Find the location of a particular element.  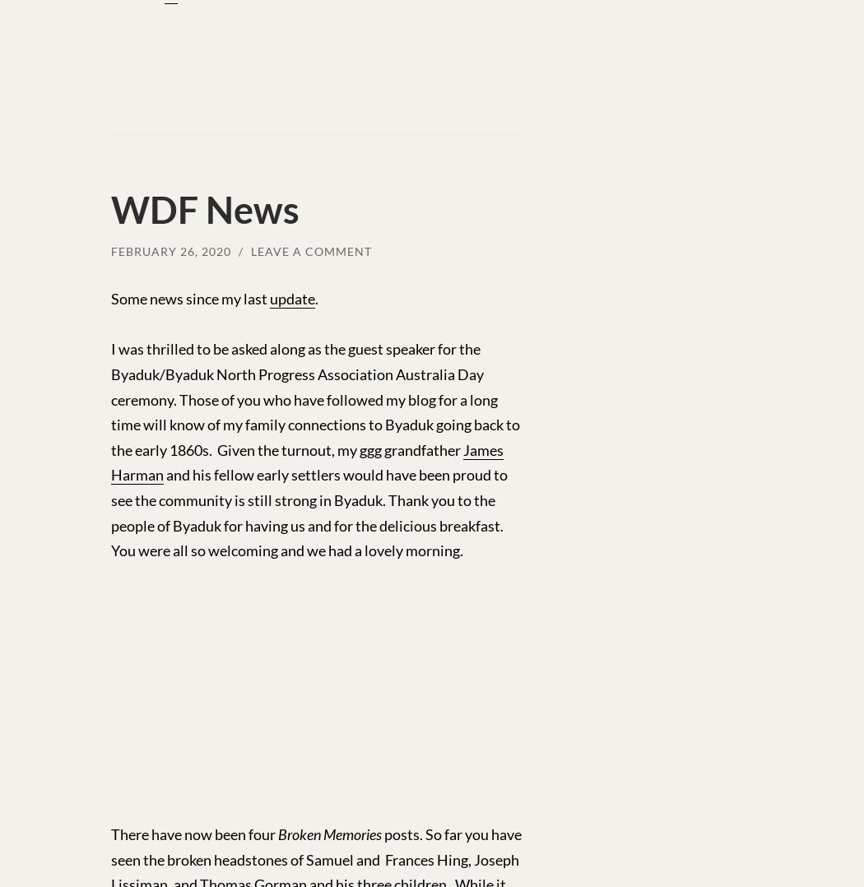

'/' is located at coordinates (238, 250).